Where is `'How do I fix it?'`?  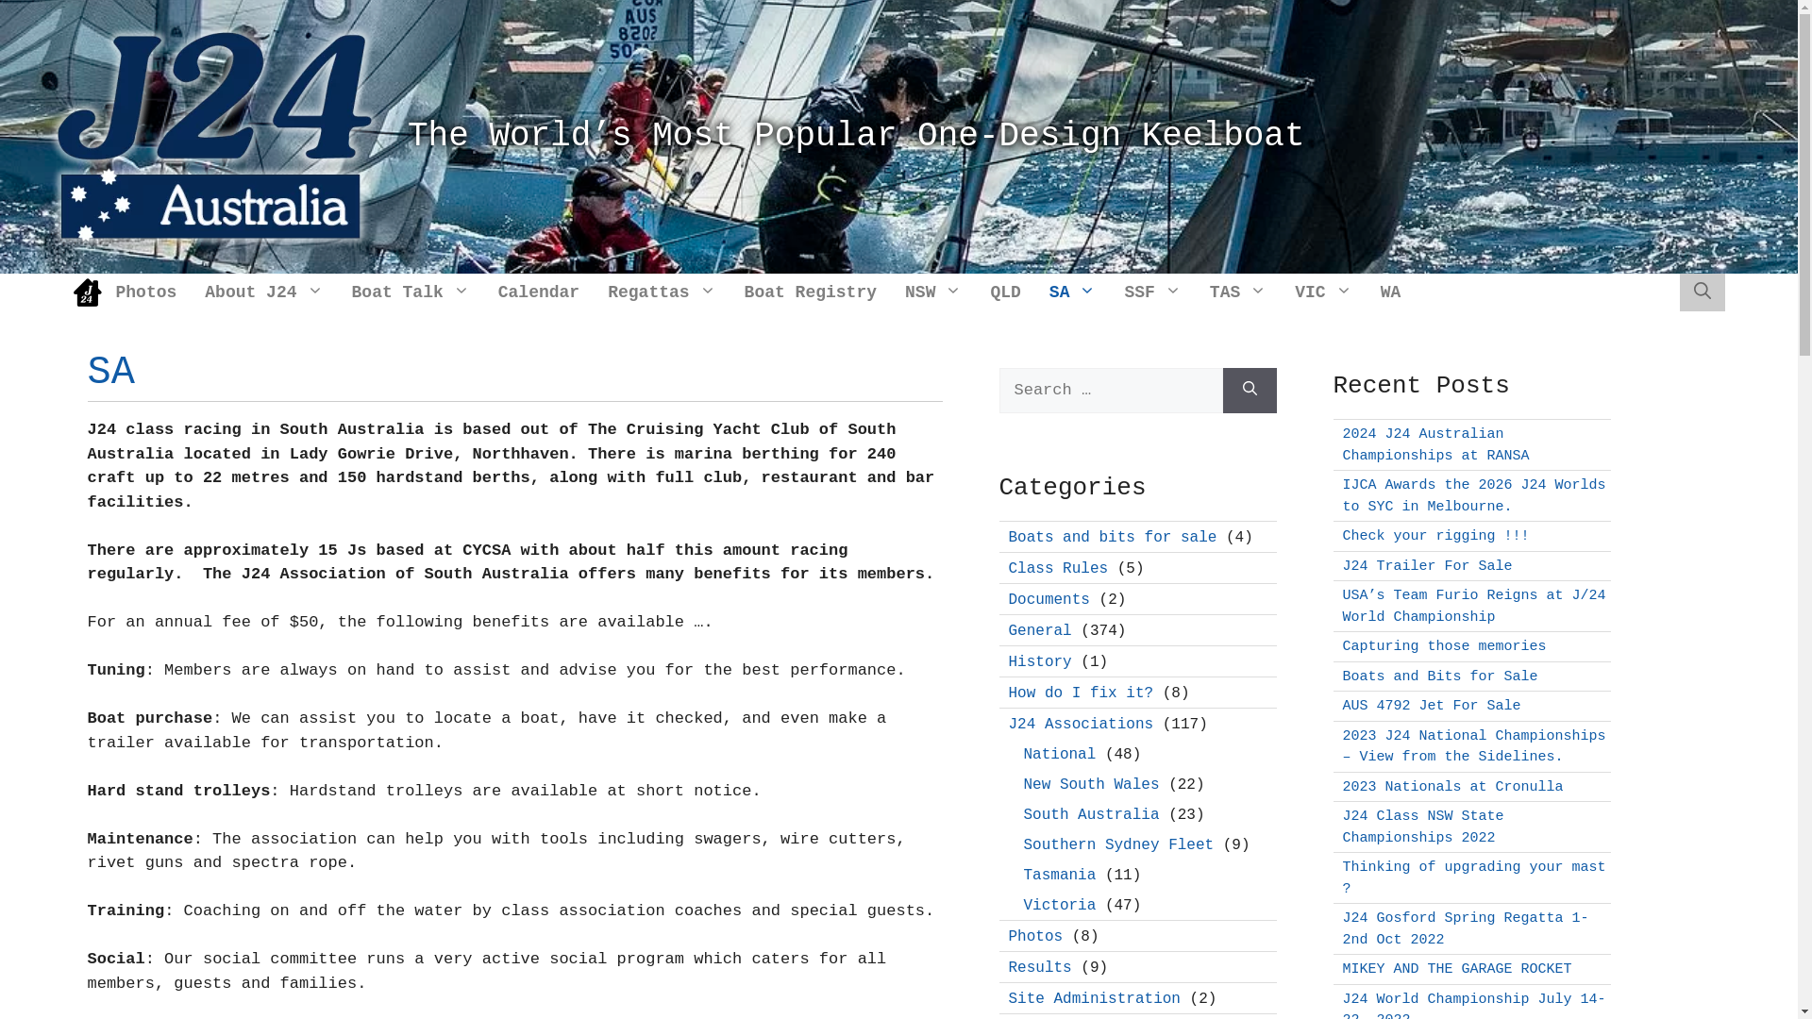 'How do I fix it?' is located at coordinates (1081, 693).